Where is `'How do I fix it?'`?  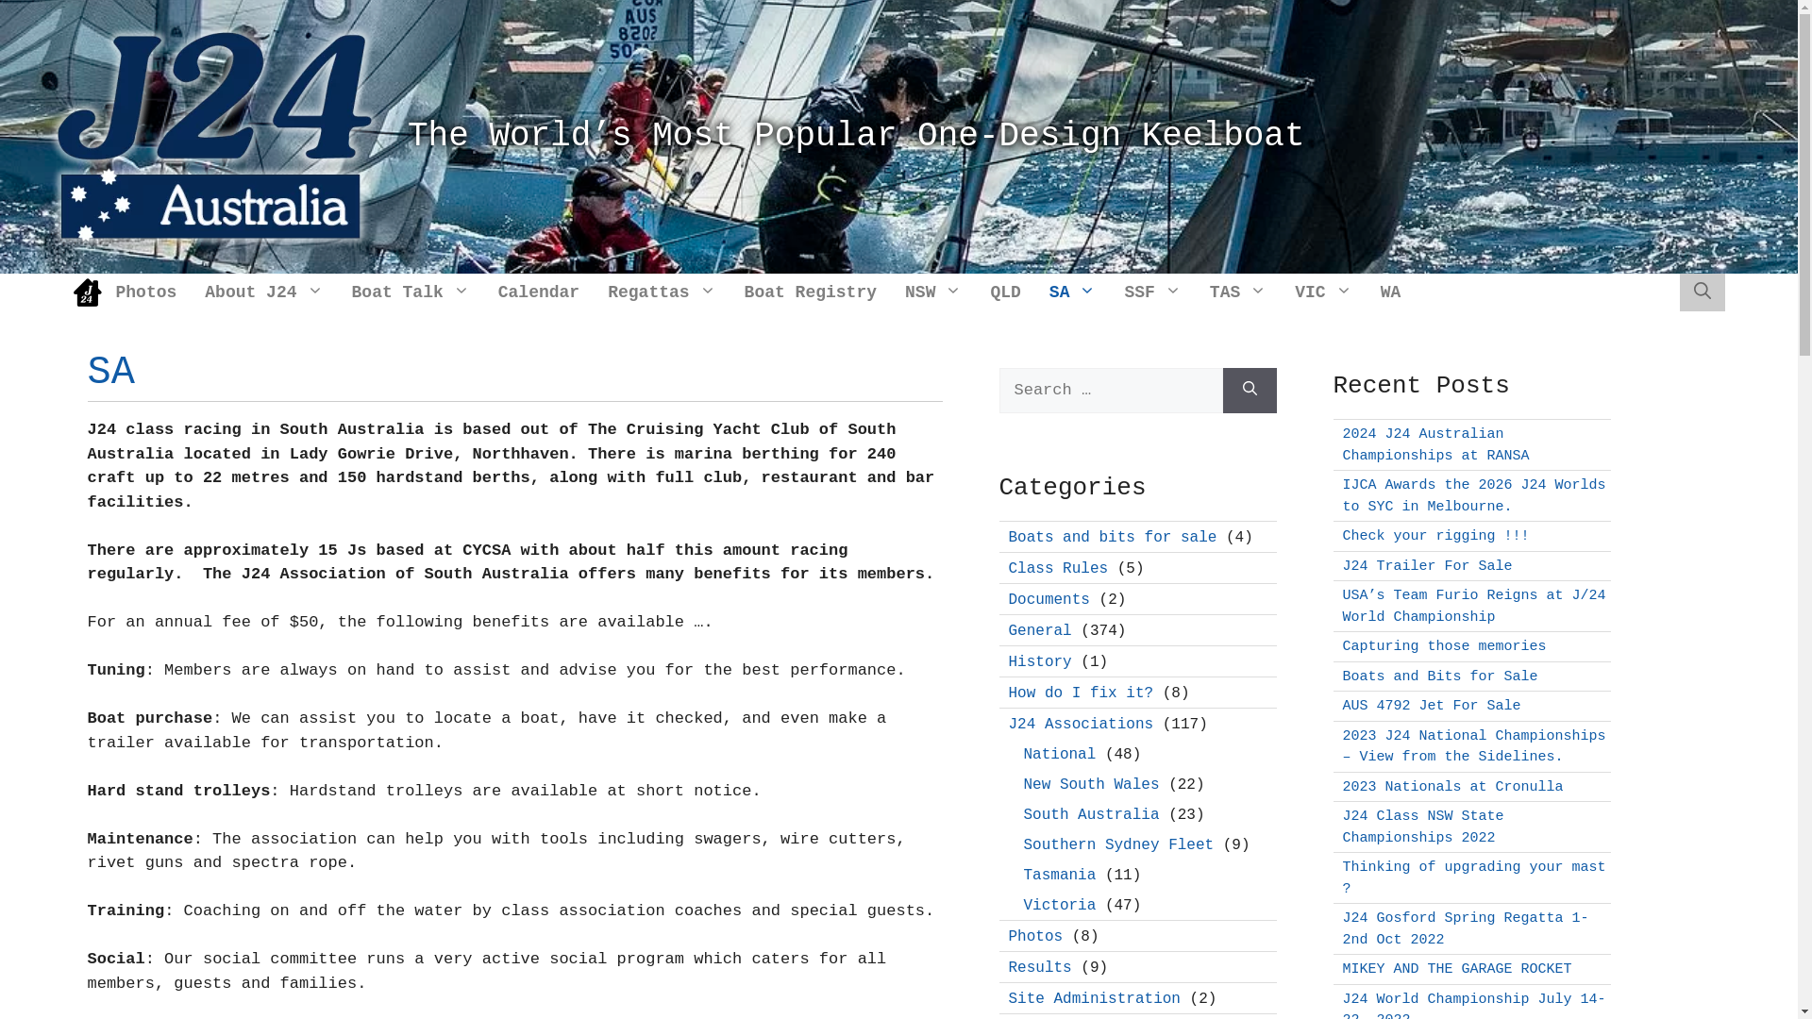 'How do I fix it?' is located at coordinates (1081, 693).